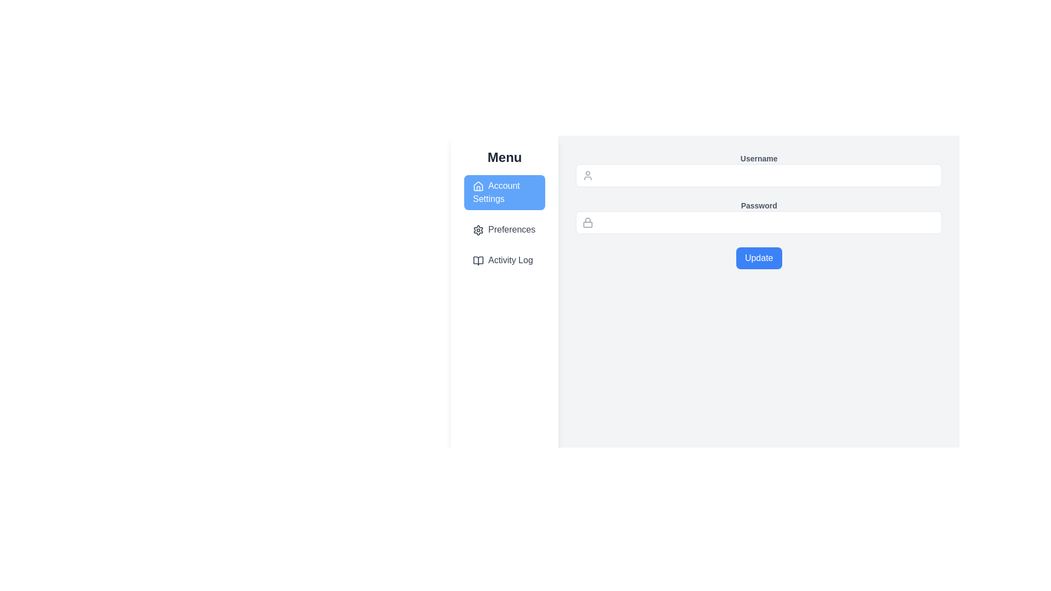  I want to click on the house icon in the sidebar menu that represents 'Account Settings', located at the top of the menu options, so click(478, 185).